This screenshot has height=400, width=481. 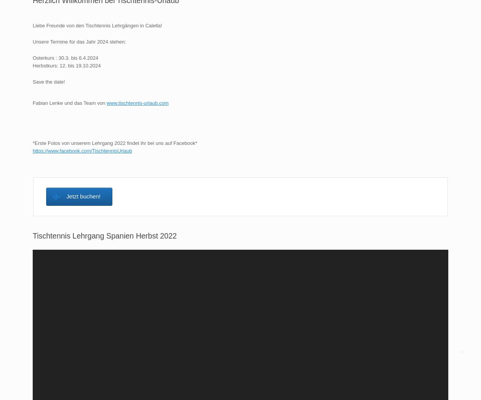 I want to click on '*Erste Fotos von unserem Lehrgang 2022 findet ihr bei uns auf Facebook*', so click(x=115, y=143).